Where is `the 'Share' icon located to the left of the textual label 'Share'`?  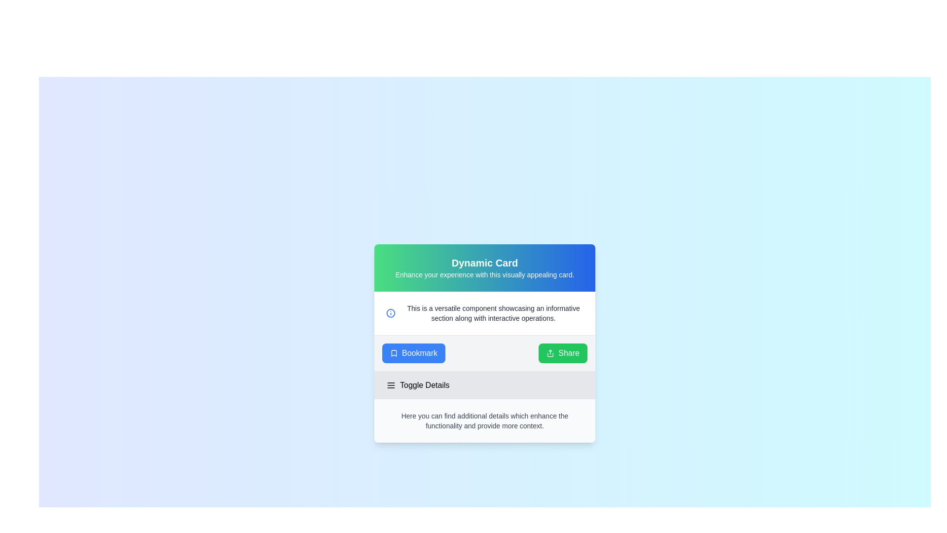
the 'Share' icon located to the left of the textual label 'Share' is located at coordinates (550, 353).